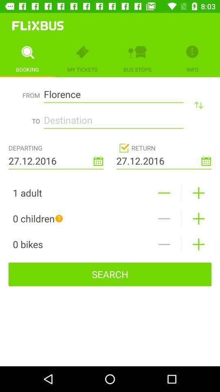  I want to click on the add icon, so click(198, 244).